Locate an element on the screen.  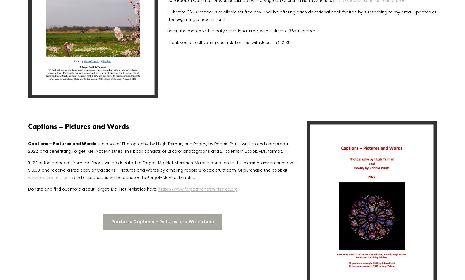
'Begin the month with a daily devotional time, with Cultivate 365: October.' is located at coordinates (242, 30).